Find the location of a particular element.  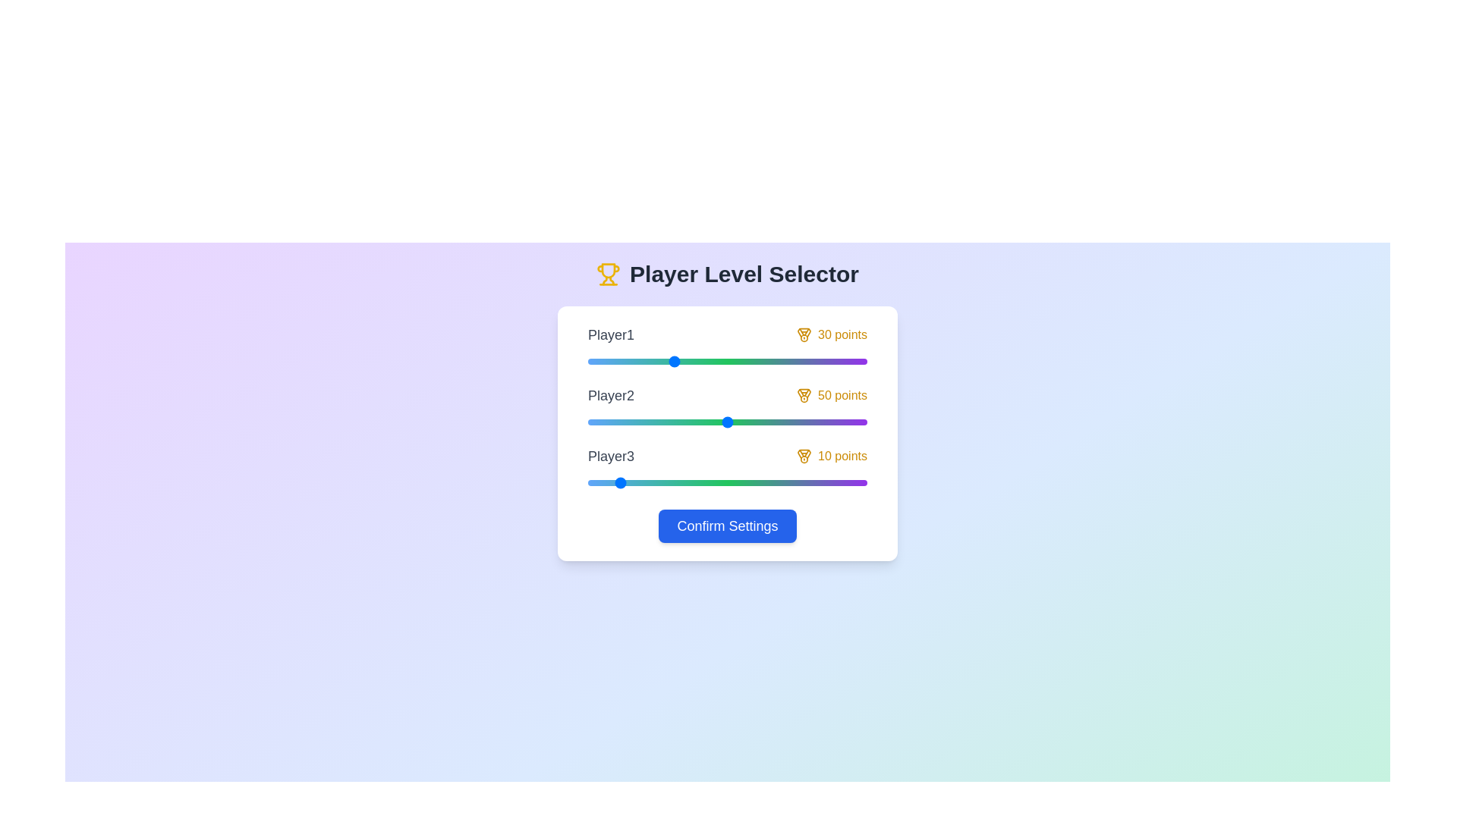

the Player2 slider to set their level to 5 is located at coordinates (601, 422).